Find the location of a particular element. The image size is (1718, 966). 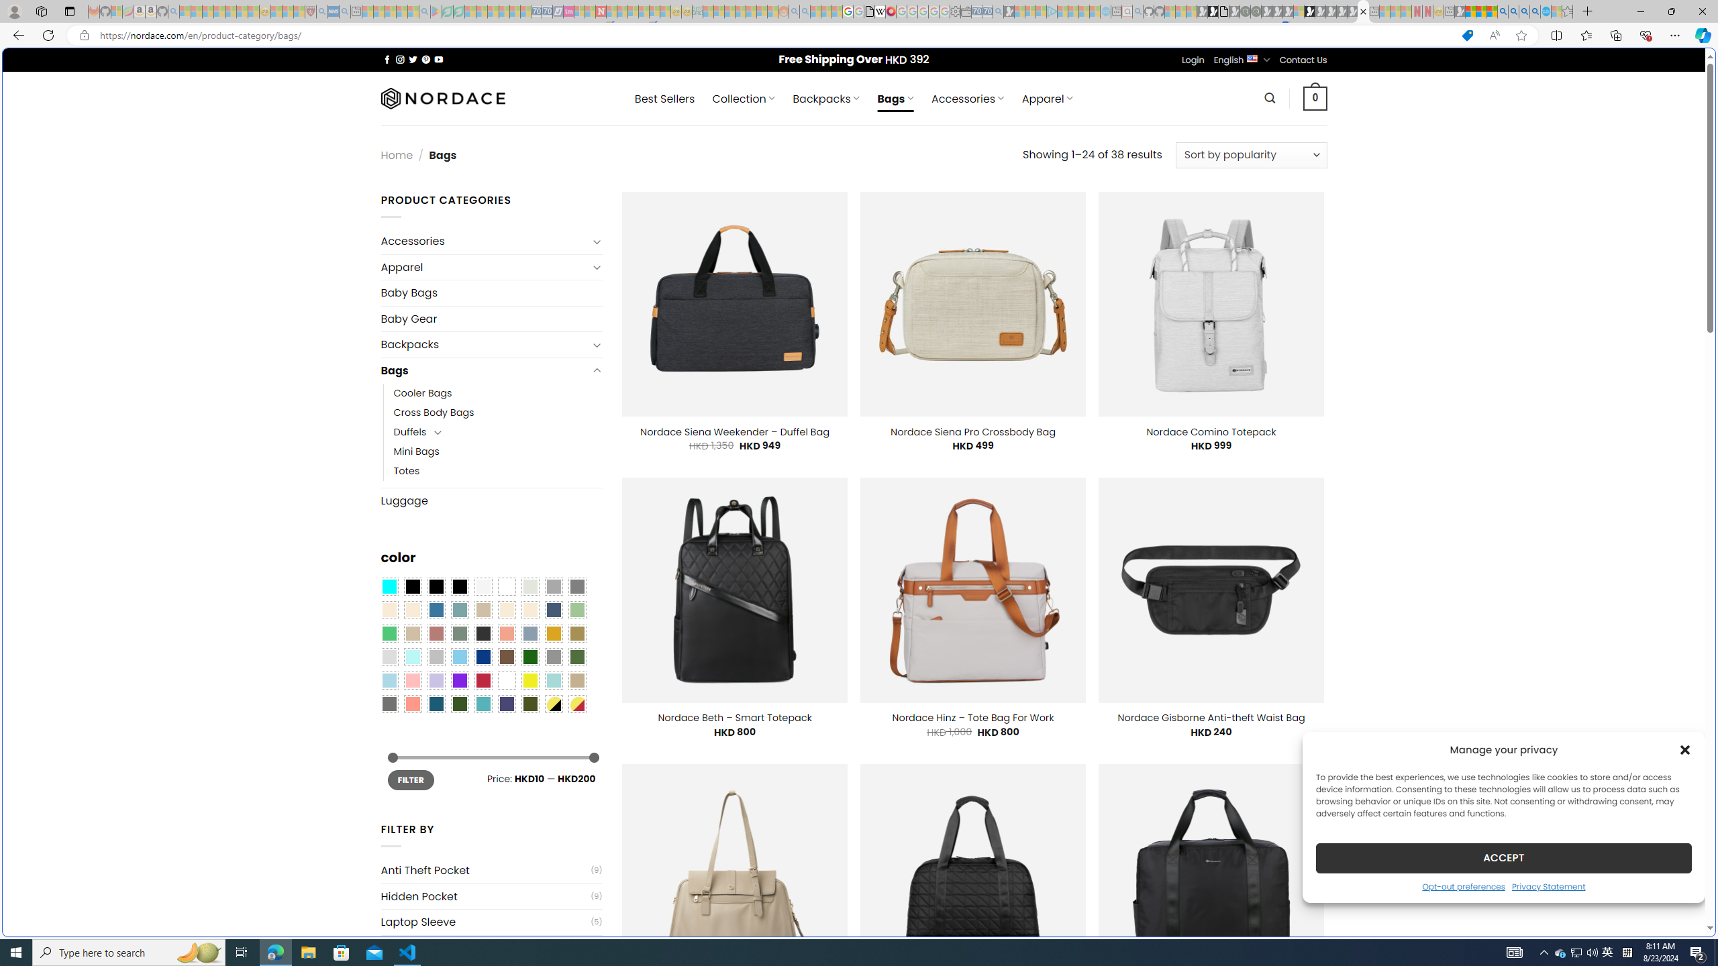

'Close split screen' is located at coordinates (1425, 67).